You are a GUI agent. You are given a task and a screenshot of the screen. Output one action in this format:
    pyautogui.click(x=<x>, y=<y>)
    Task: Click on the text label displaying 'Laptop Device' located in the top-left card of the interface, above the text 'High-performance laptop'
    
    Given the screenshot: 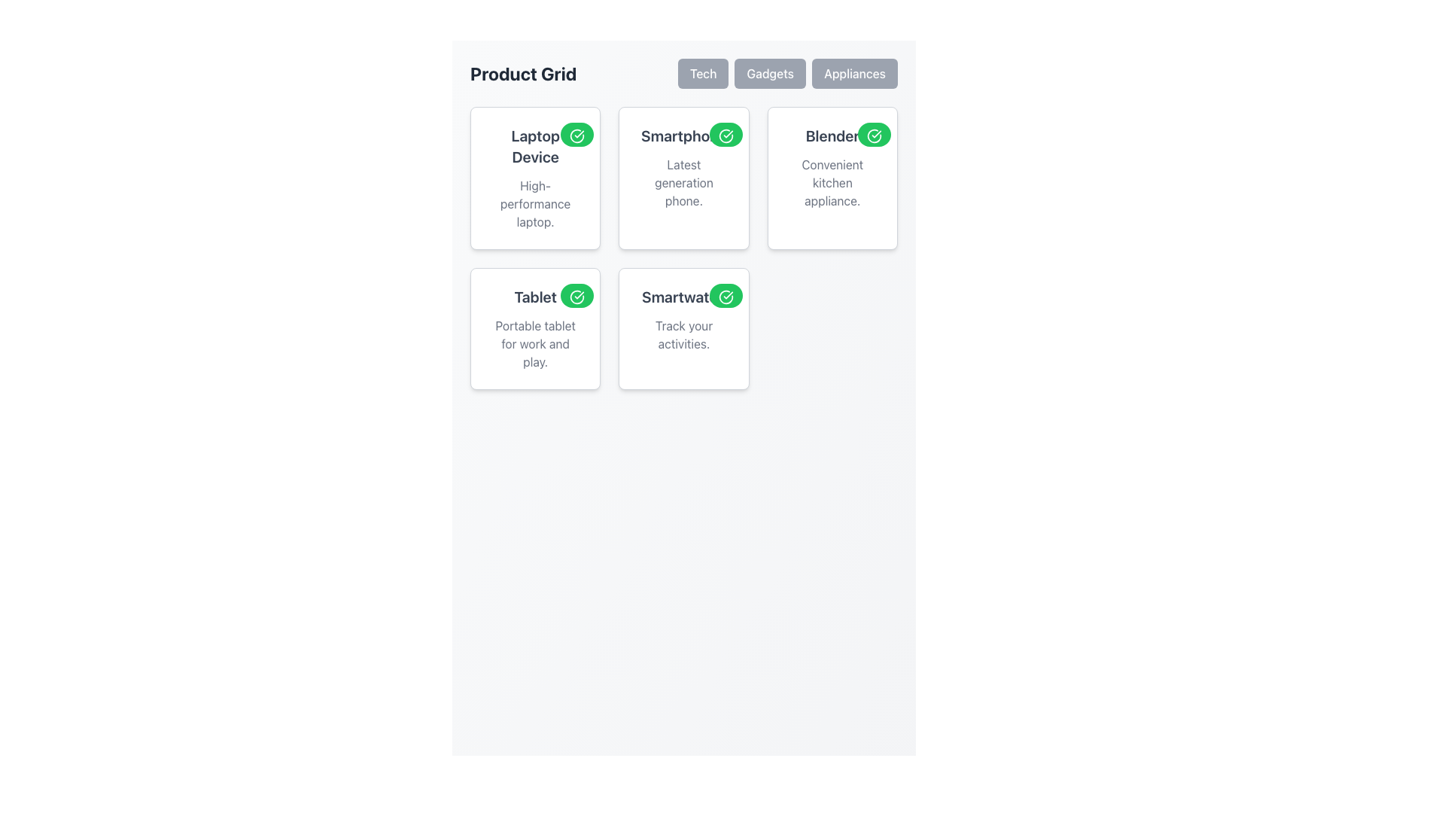 What is the action you would take?
    pyautogui.click(x=535, y=147)
    